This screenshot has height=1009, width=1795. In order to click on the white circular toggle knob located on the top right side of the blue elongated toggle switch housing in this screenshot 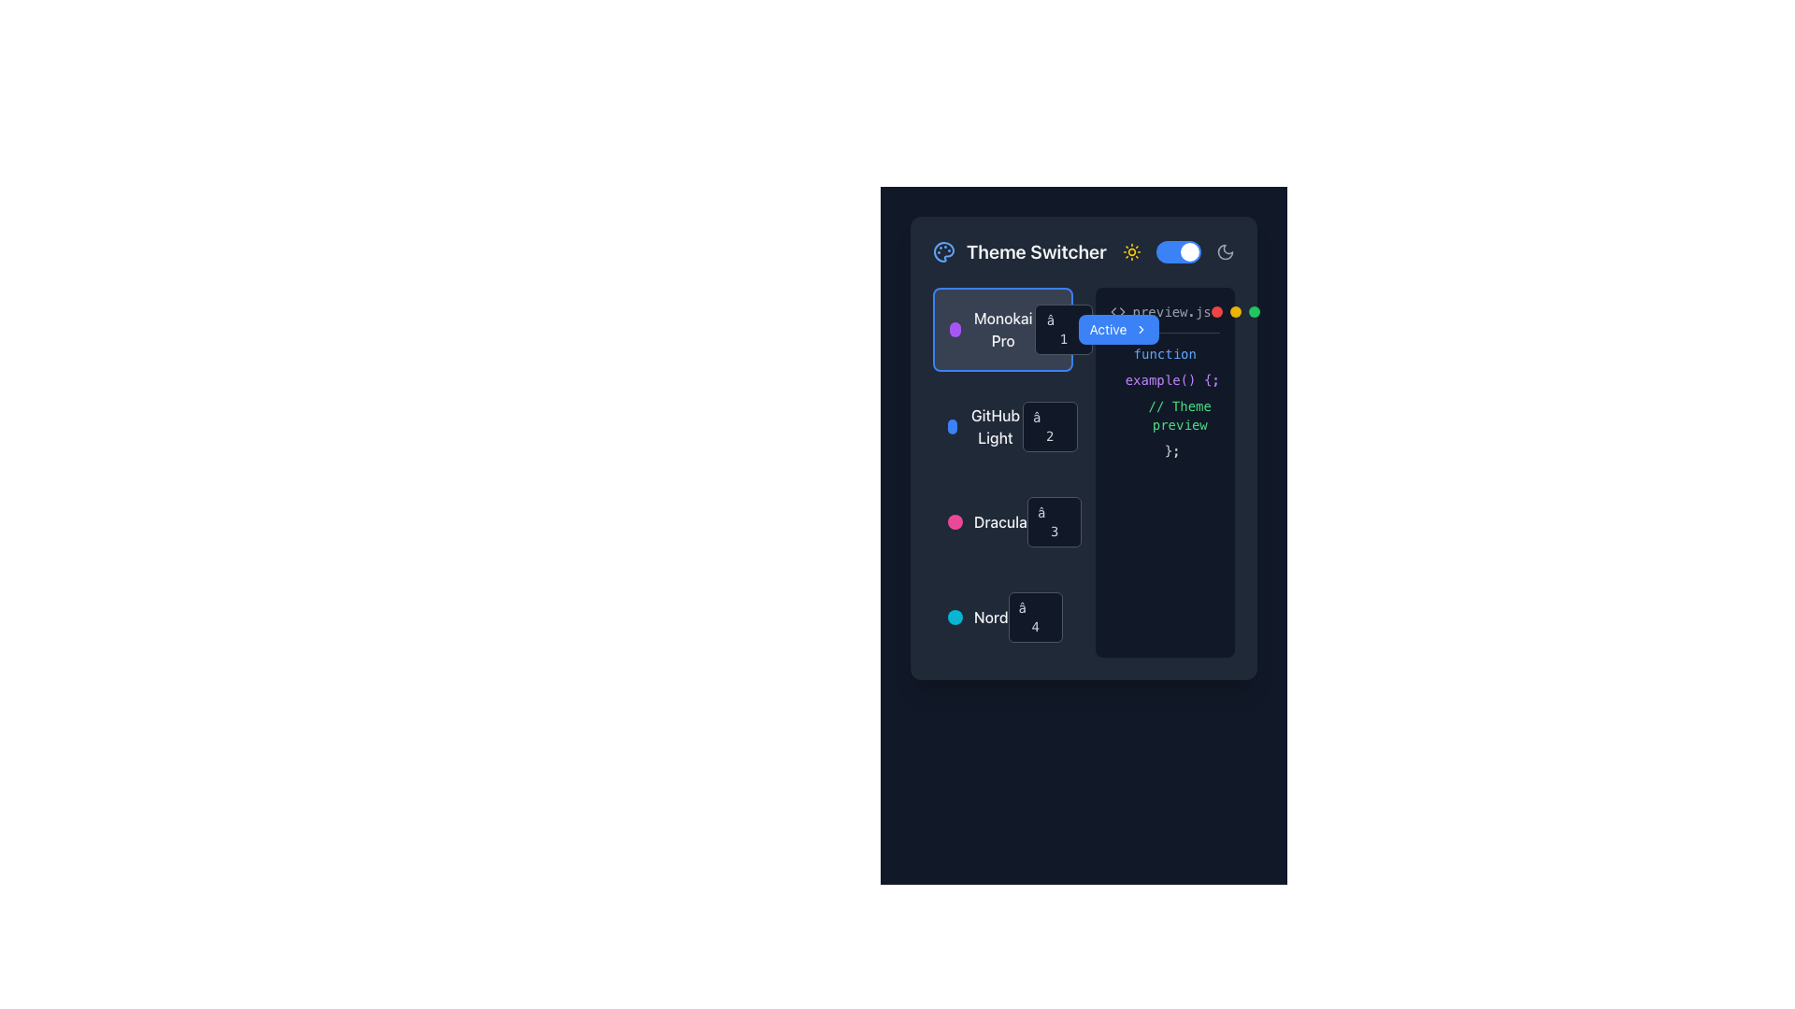, I will do `click(1188, 252)`.